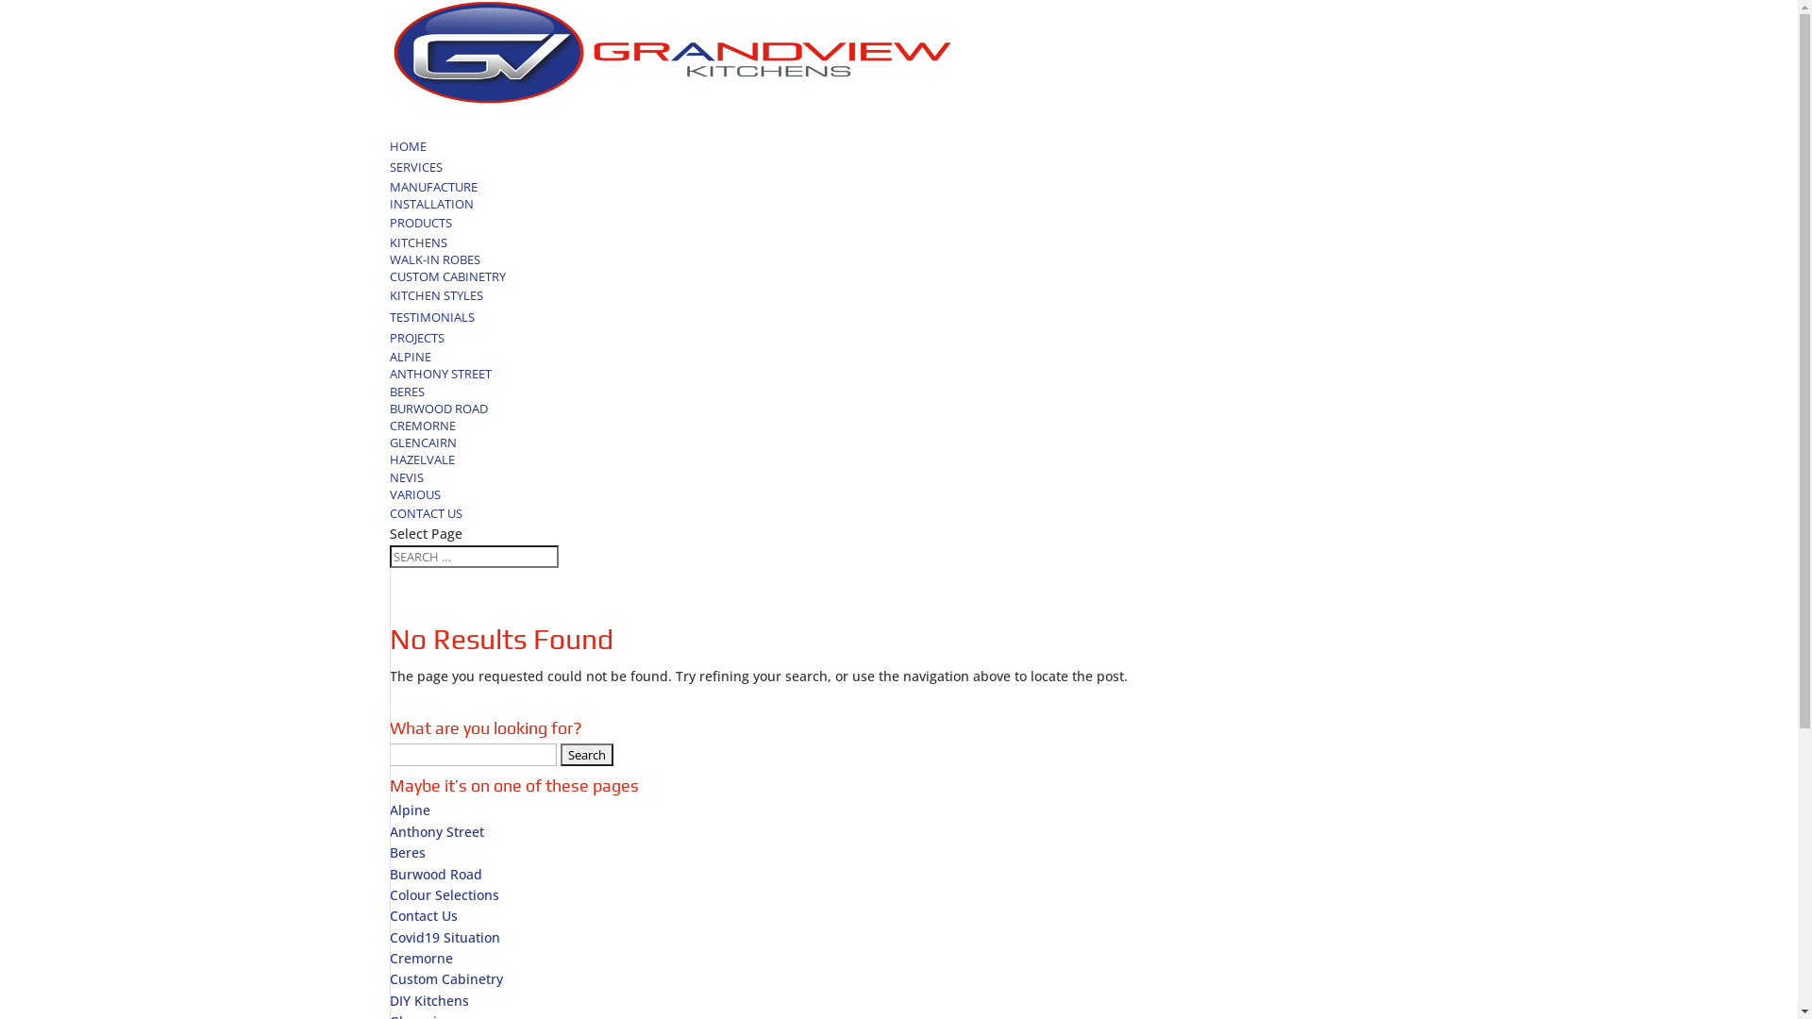  I want to click on 'BURWOOD ROAD', so click(388, 407).